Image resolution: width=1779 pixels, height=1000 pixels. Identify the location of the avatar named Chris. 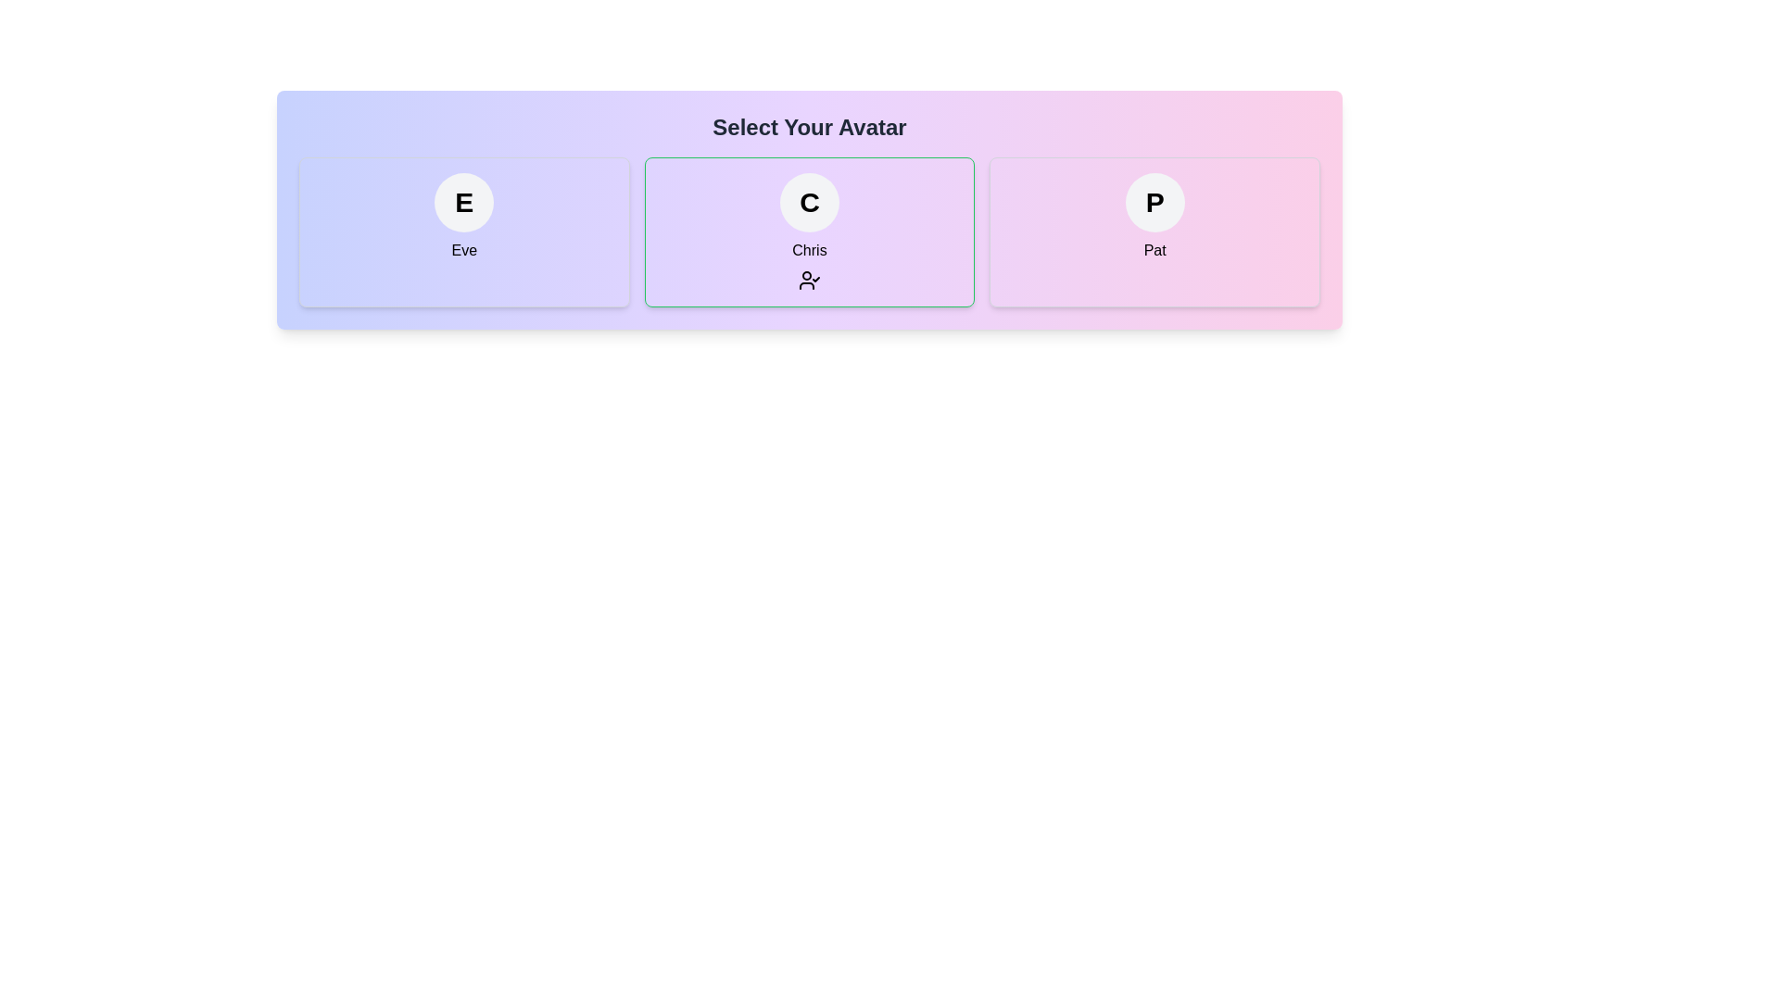
(809, 231).